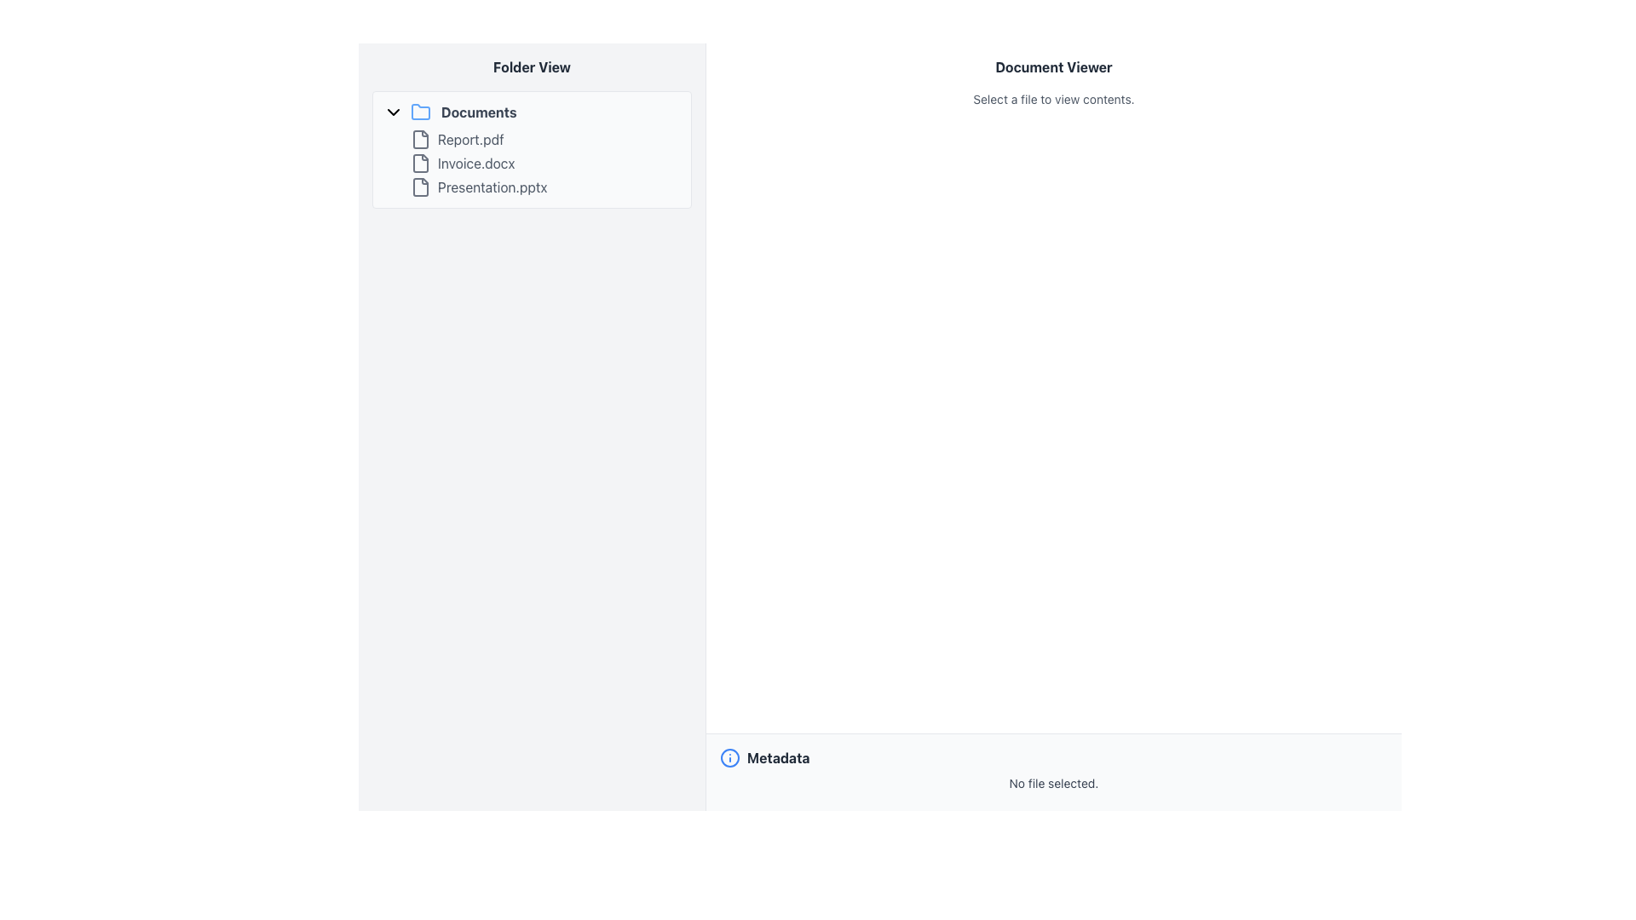  I want to click on the first item in the 'Folder View' panel, so click(545, 139).